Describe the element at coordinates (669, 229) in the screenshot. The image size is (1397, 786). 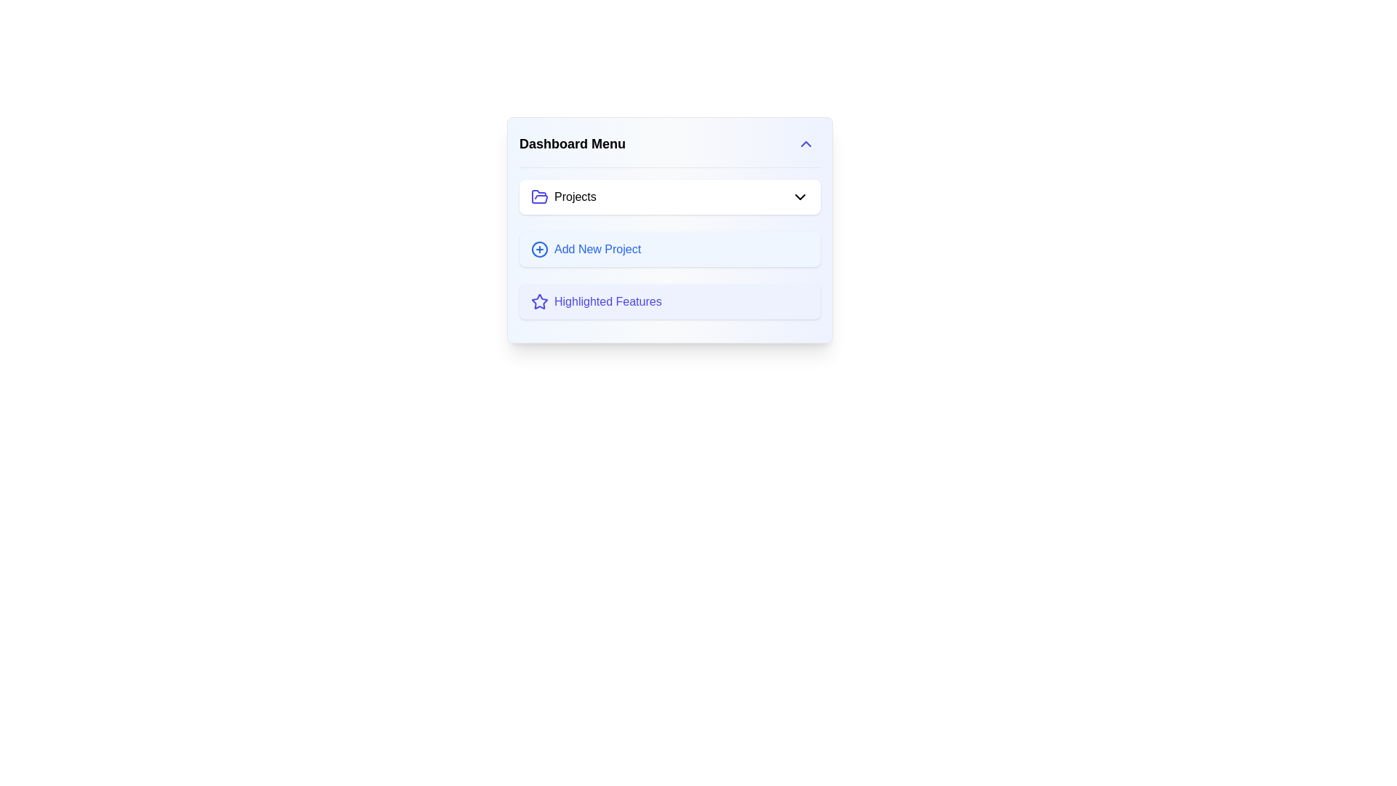
I see `the 'Dashboard Menu' to interact with the menu widget that contains options like 'Projects', 'Add New Project', and 'Highlighted Features'` at that location.